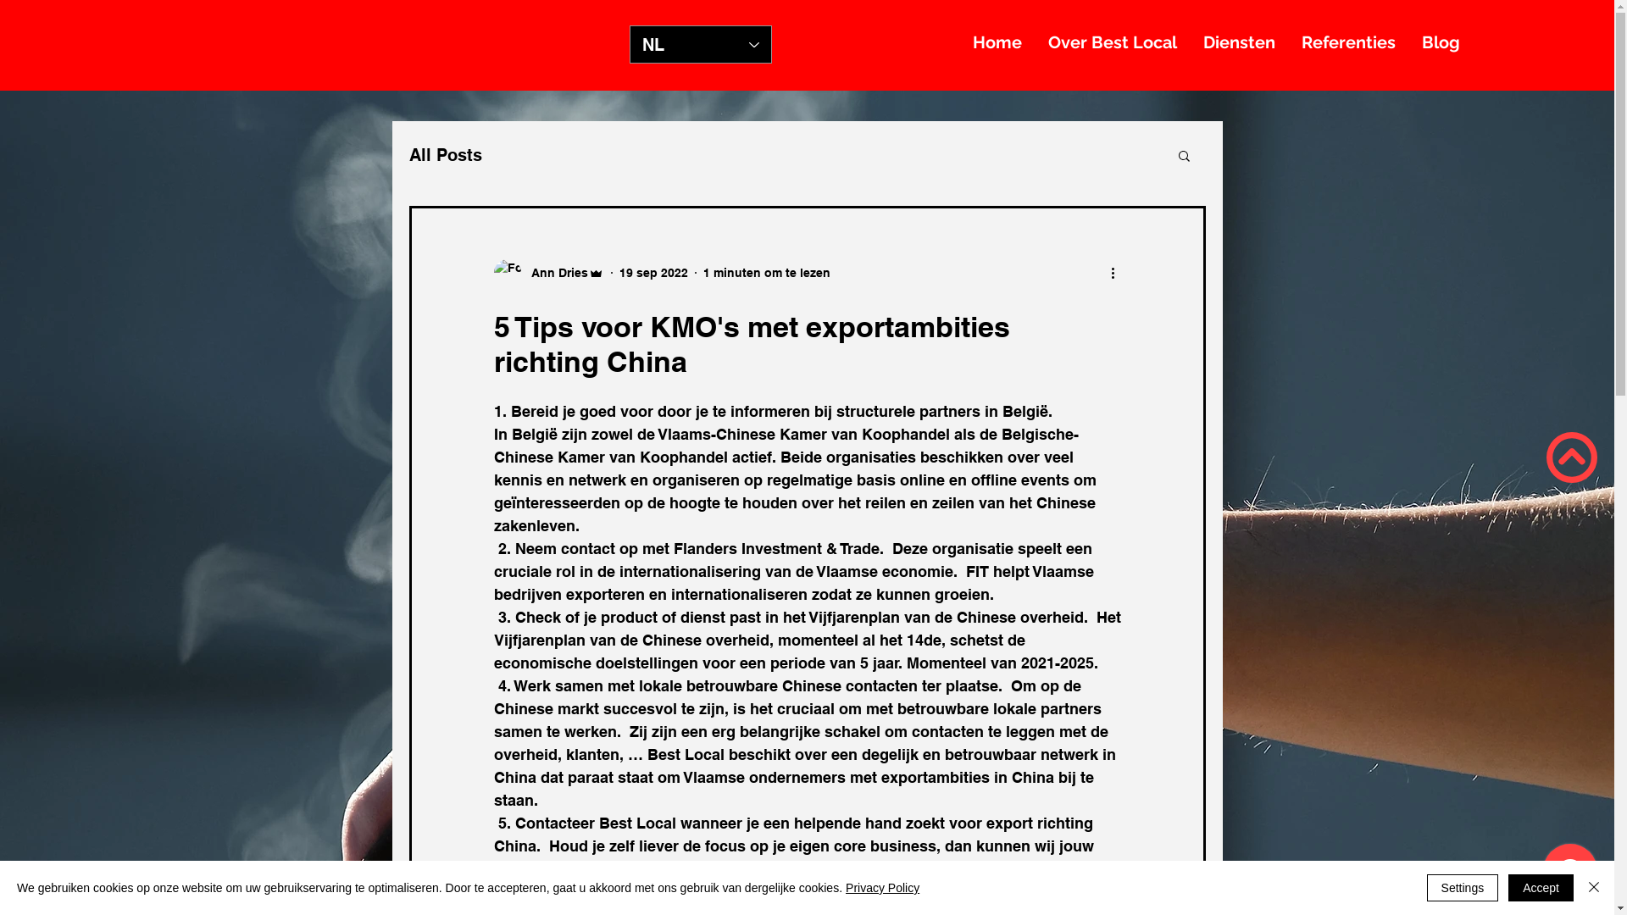 Image resolution: width=1627 pixels, height=915 pixels. What do you see at coordinates (846, 887) in the screenshot?
I see `'Privacy Policy'` at bounding box center [846, 887].